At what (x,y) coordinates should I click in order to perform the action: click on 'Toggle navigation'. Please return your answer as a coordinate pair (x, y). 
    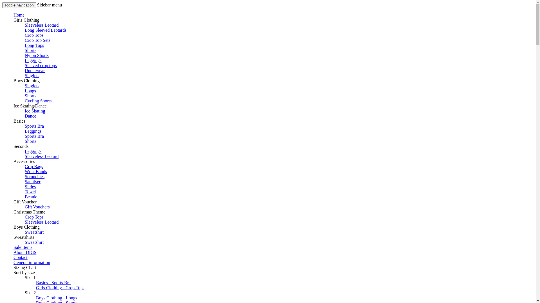
    Looking at the image, I should click on (19, 5).